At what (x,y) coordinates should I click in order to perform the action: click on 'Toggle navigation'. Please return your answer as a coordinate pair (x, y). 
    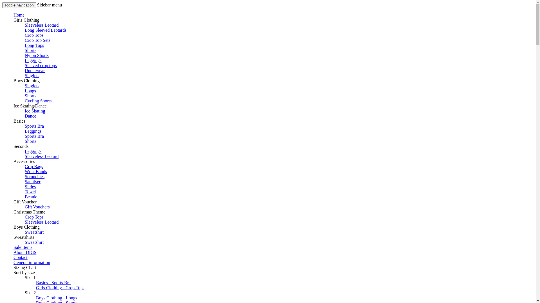
    Looking at the image, I should click on (19, 5).